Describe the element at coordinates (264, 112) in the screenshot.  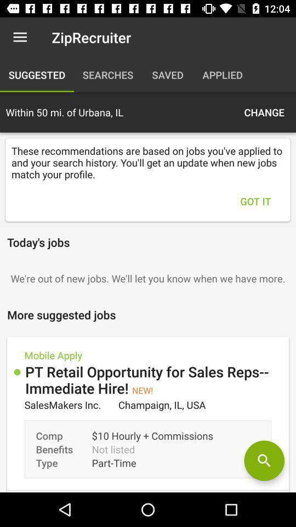
I see `the item next to the within 50 mi item` at that location.